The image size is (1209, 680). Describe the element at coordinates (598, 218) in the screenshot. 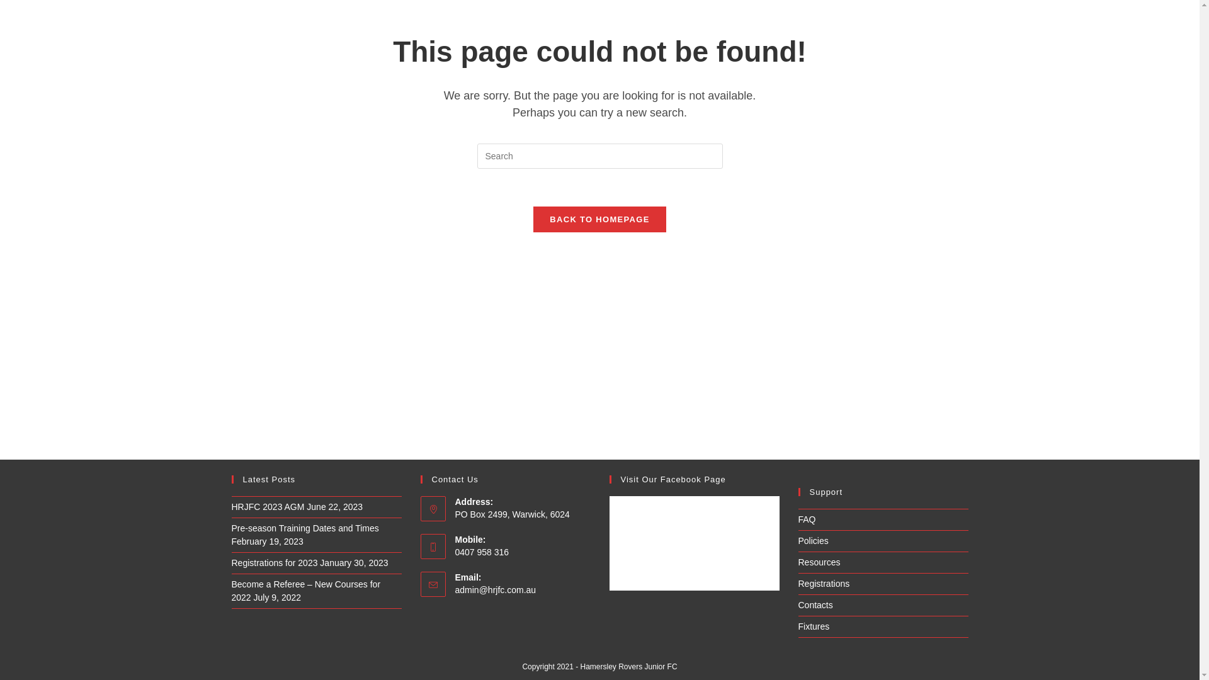

I see `'BACK TO HOMEPAGE'` at that location.